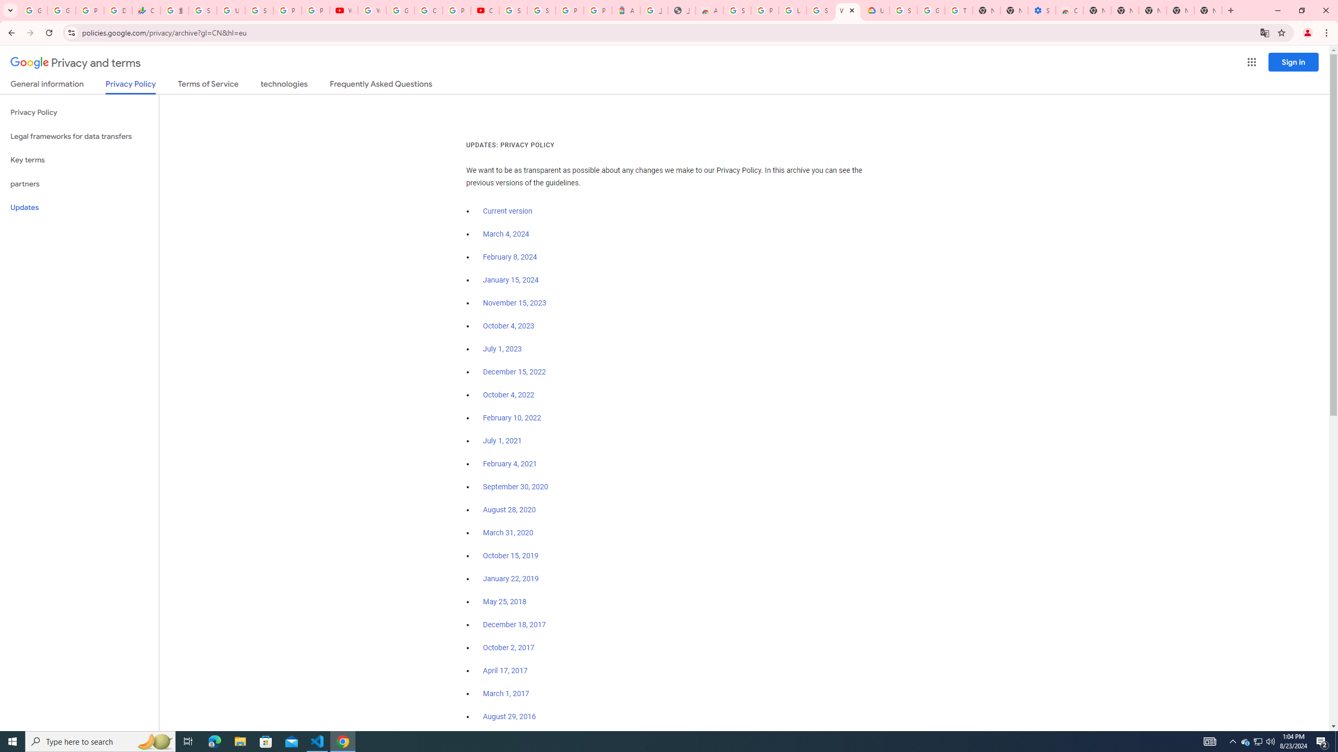  I want to click on 'Reload', so click(49, 32).